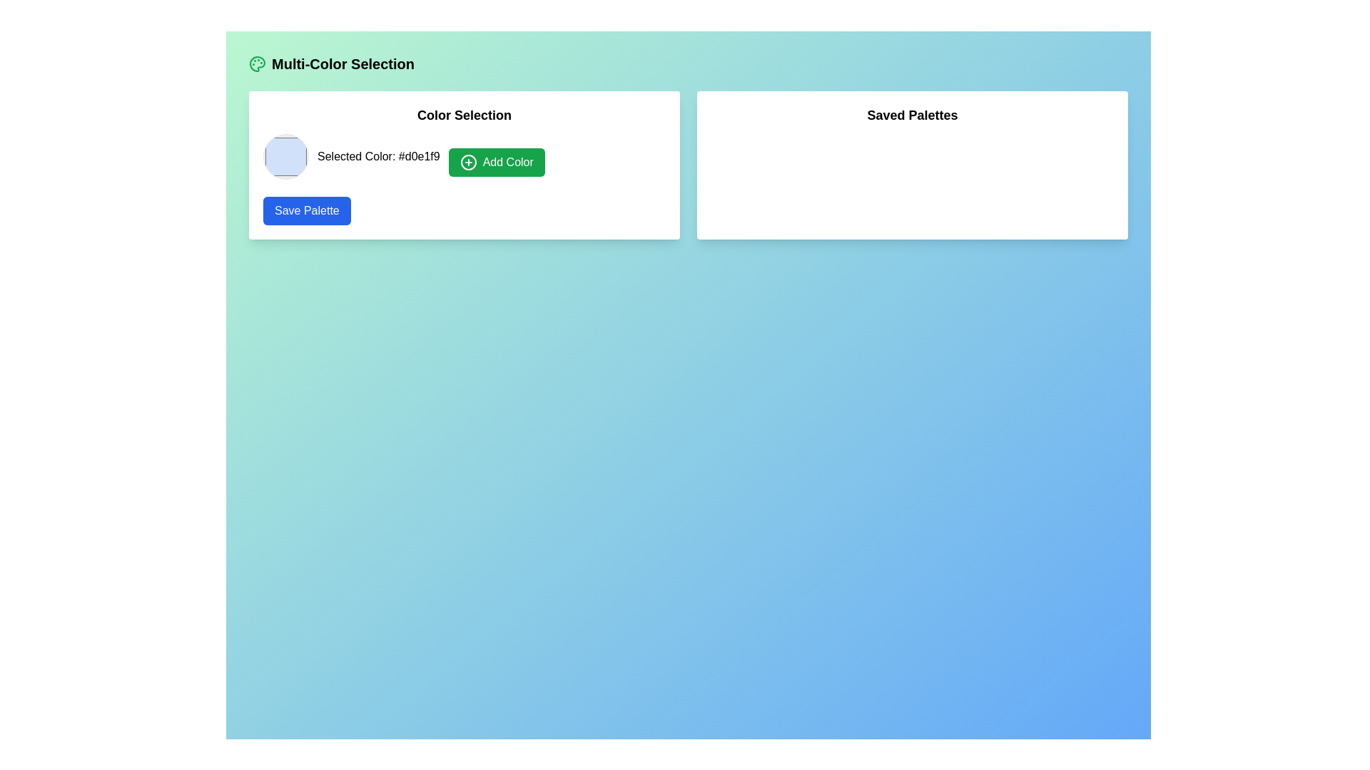 Image resolution: width=1370 pixels, height=770 pixels. What do you see at coordinates (468, 161) in the screenshot?
I see `the icon indicating the action of adding a color, which is located to the left of the 'Add Color' label within the green button in the 'Color Selection' section` at bounding box center [468, 161].